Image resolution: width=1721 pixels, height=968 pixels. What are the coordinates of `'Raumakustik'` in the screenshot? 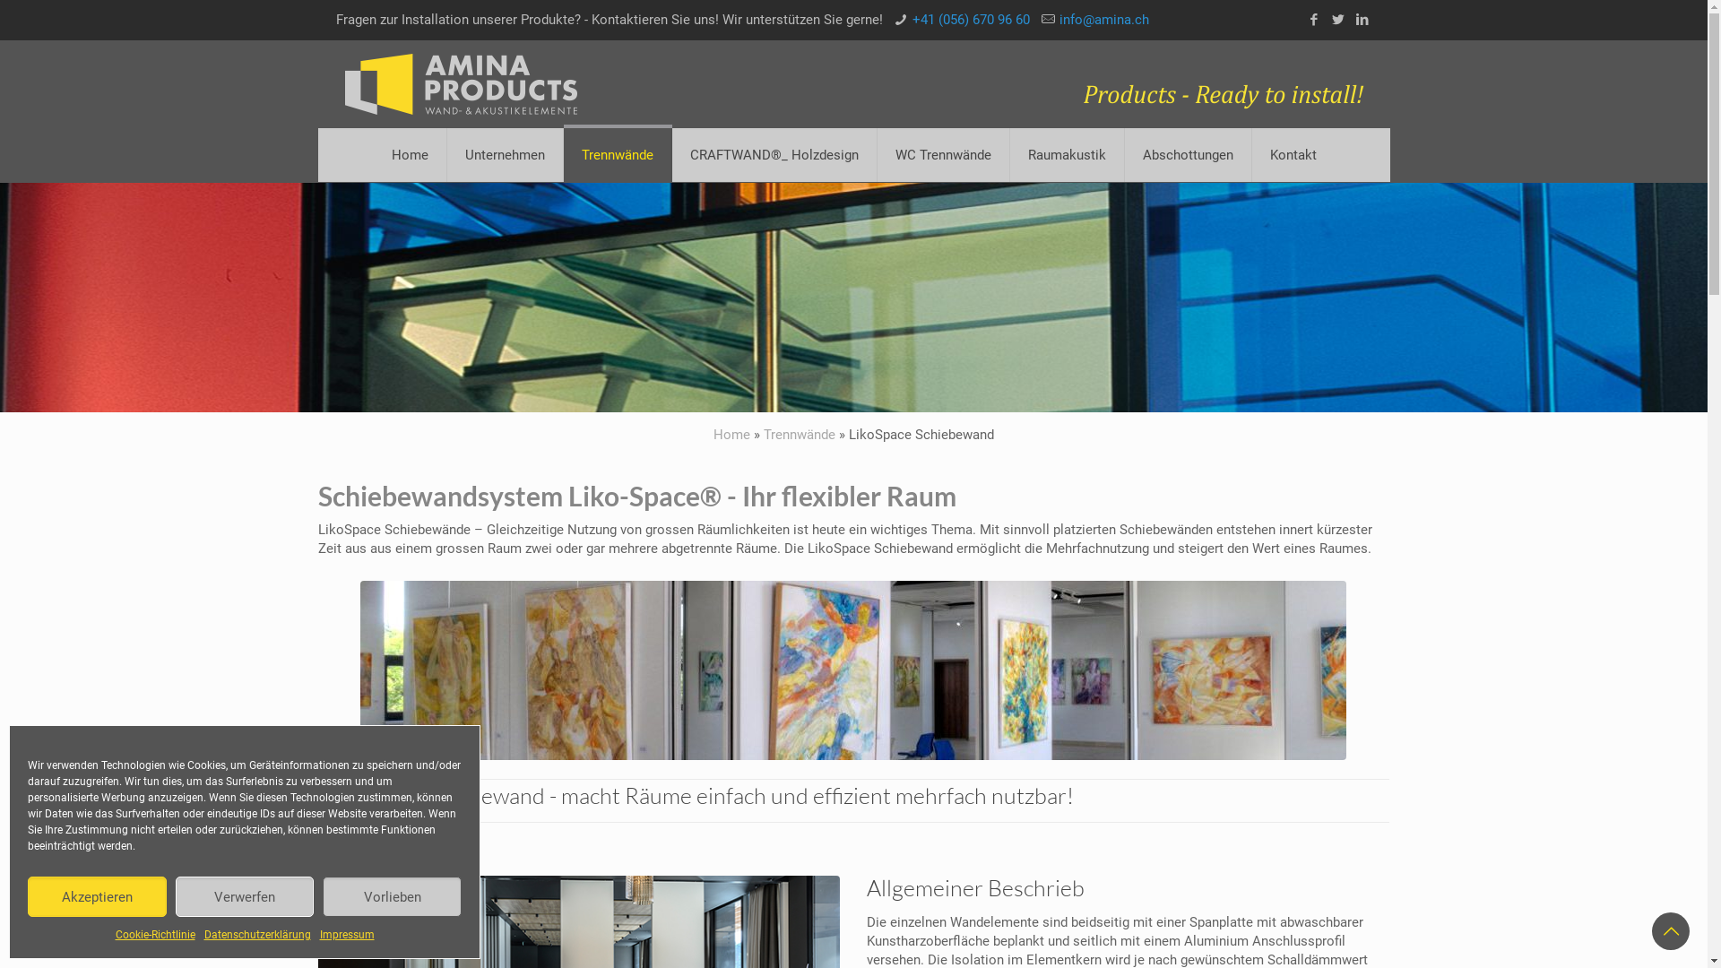 It's located at (1009, 154).